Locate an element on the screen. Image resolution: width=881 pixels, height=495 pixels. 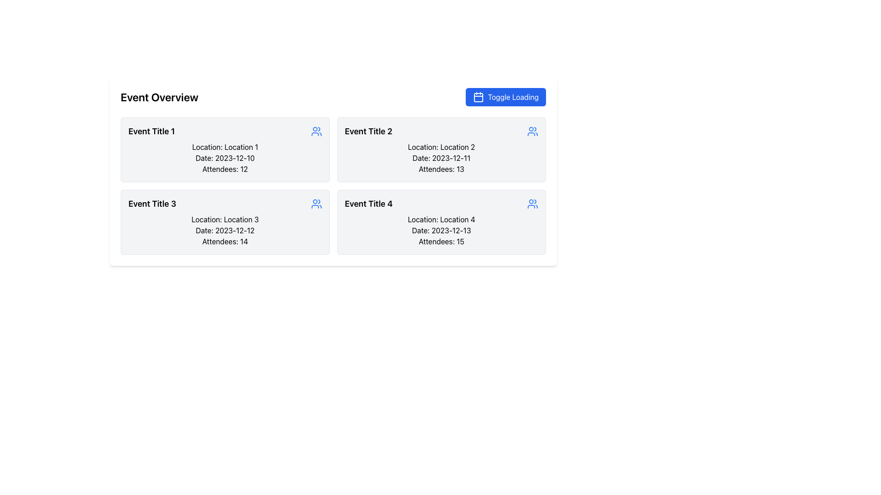
number of attendees displayed in the text label 'Attendees: 12' located in the first event card of the event grid layout, positioned below the 'Date: 2023-12-10' is located at coordinates (225, 169).